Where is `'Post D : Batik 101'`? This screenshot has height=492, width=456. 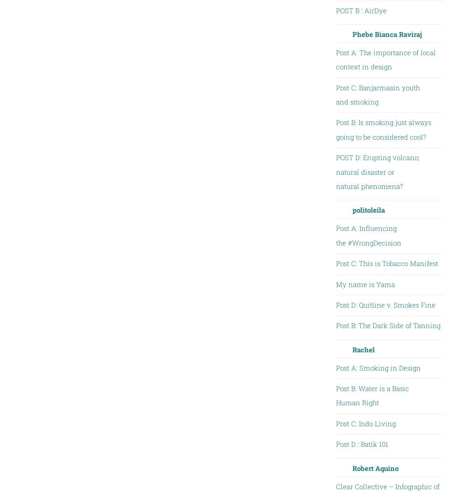 'Post D : Batik 101' is located at coordinates (335, 444).